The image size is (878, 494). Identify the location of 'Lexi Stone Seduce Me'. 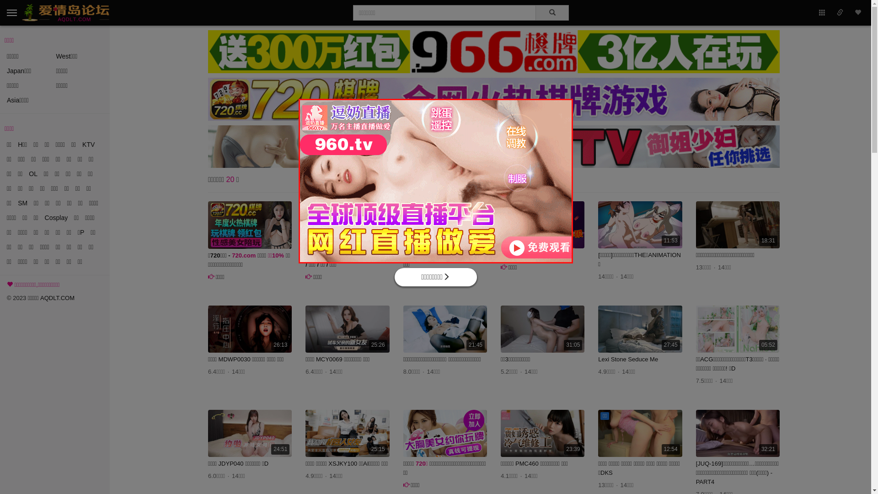
(627, 359).